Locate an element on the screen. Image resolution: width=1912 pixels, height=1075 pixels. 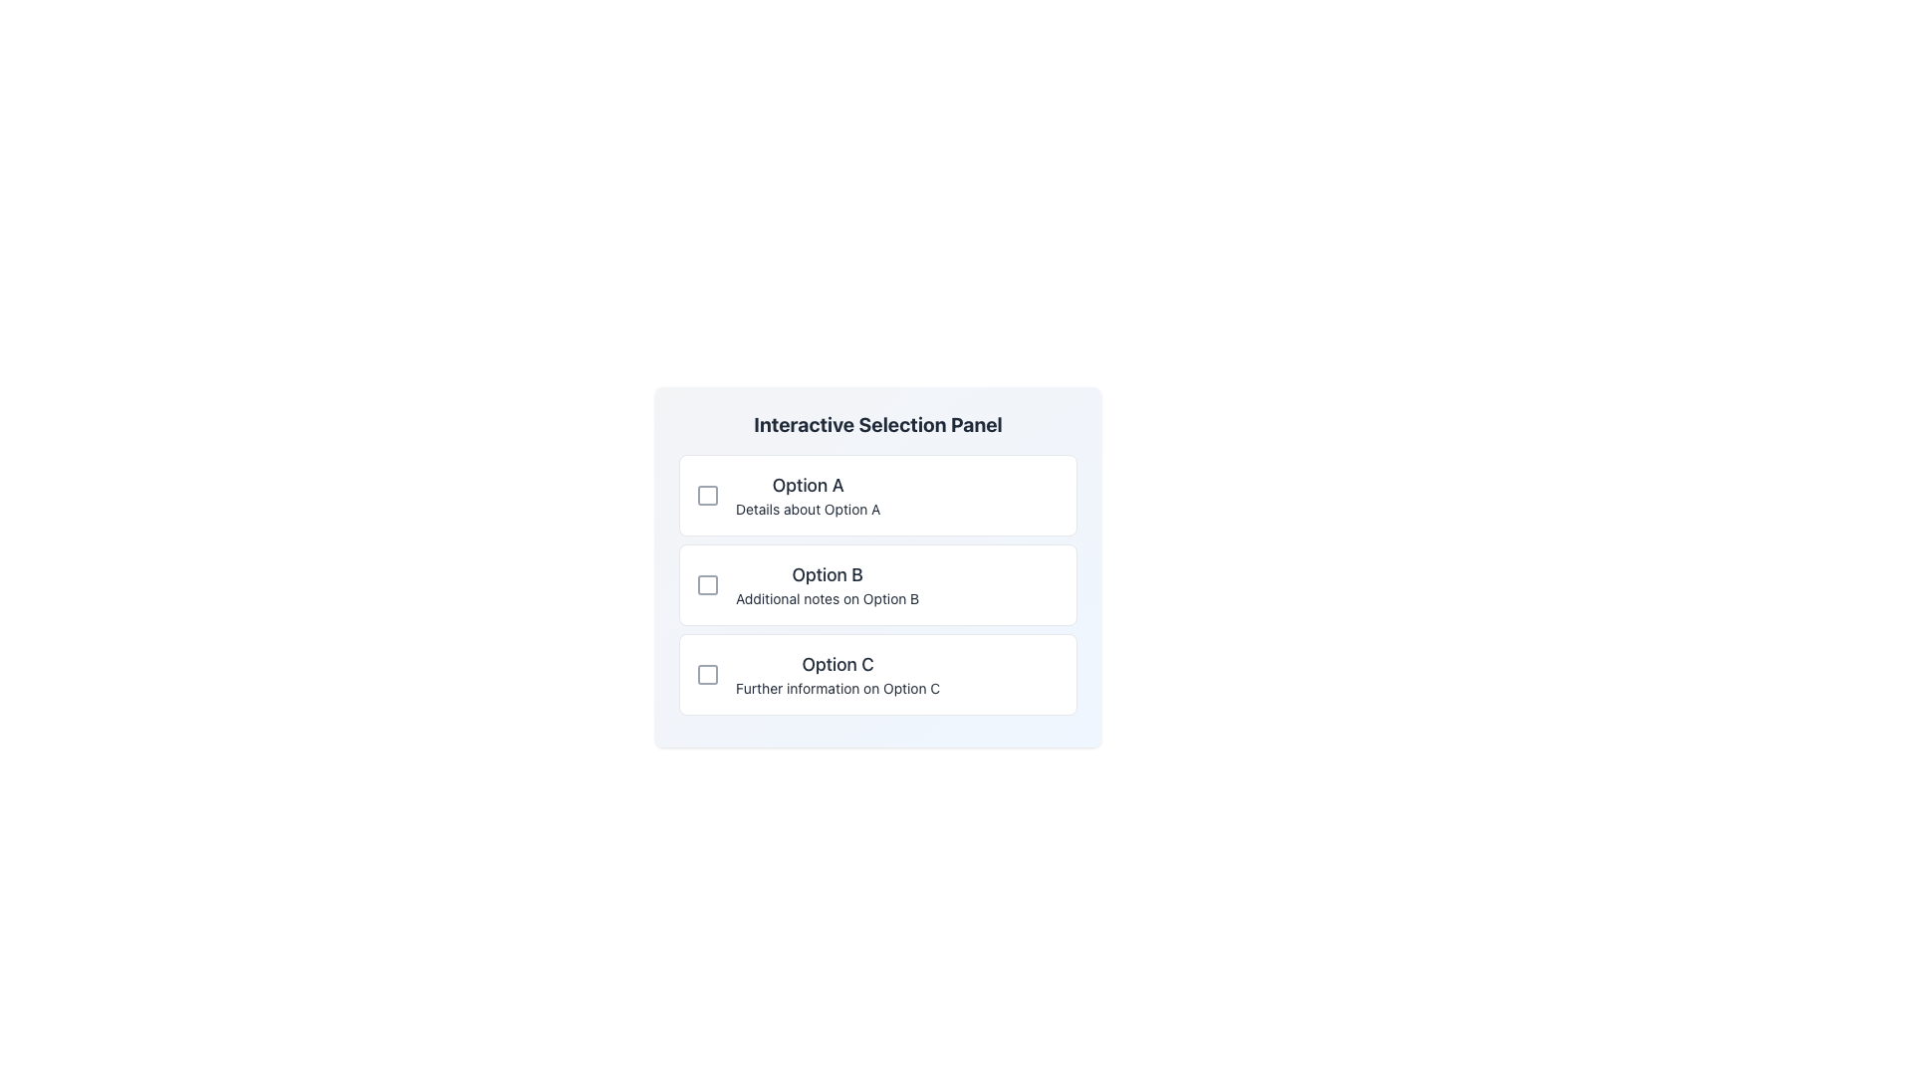
the text group containing the title 'Option C' and the description 'Further information on Option C', which is located in the last row of the list of options is located at coordinates (837, 674).